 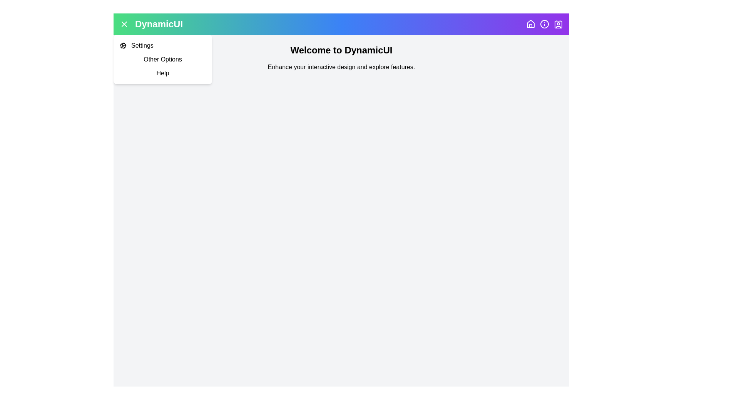 What do you see at coordinates (558, 23) in the screenshot?
I see `the icon button located in the upper-right corner of the interface` at bounding box center [558, 23].